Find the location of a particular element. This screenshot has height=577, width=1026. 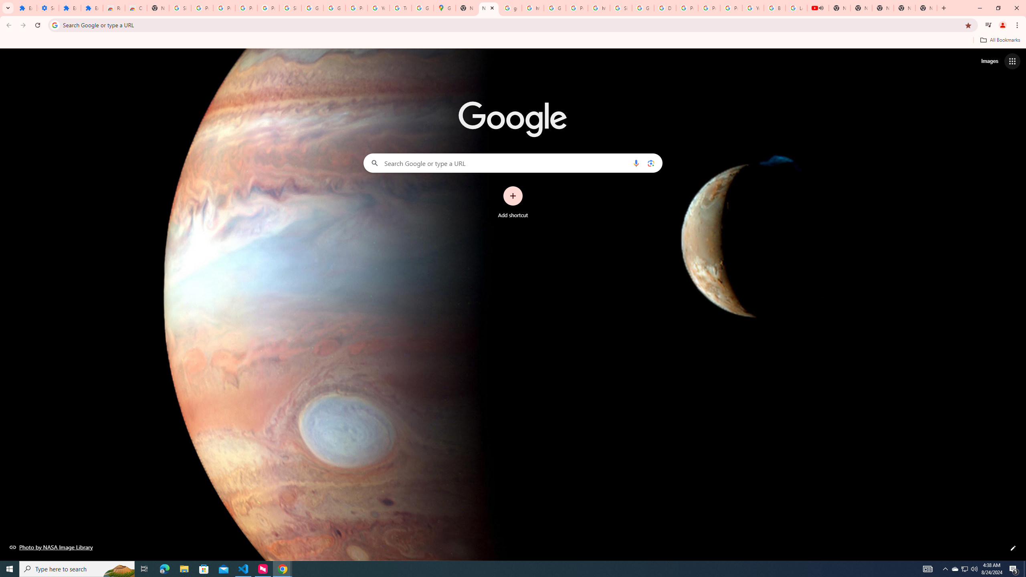

'Control your music, videos, and more' is located at coordinates (988, 25).